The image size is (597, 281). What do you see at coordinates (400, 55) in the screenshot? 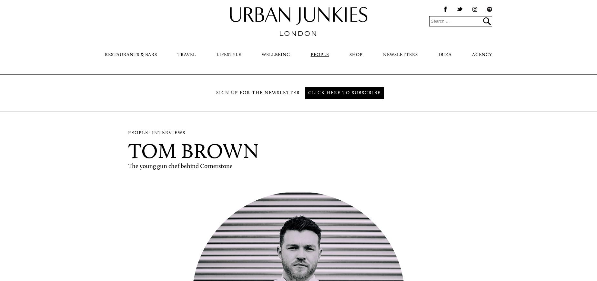
I see `'Newsletters'` at bounding box center [400, 55].